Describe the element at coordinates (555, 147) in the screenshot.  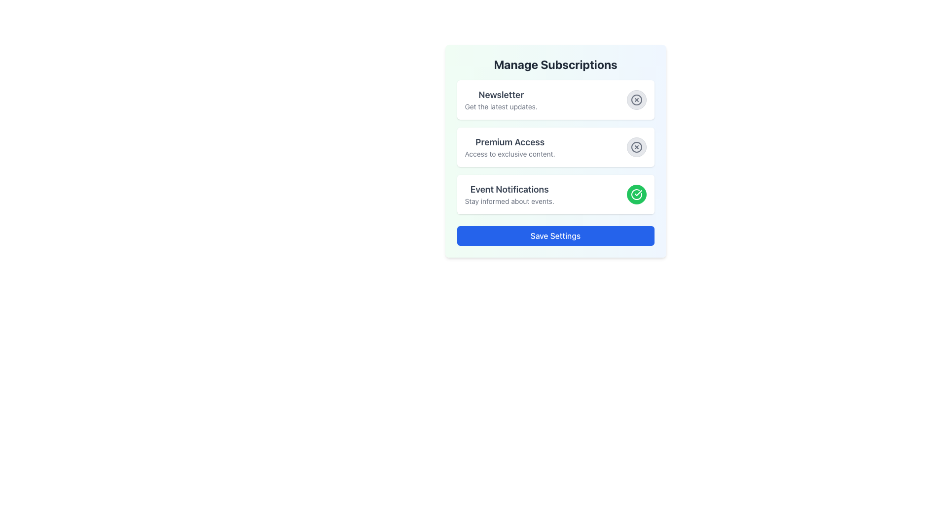
I see `information about the 'Premium Access' subscription option, which is the second option in the 'Manage Subscriptions' panel, located below 'Newsletter' and above 'Event Notifications'` at that location.